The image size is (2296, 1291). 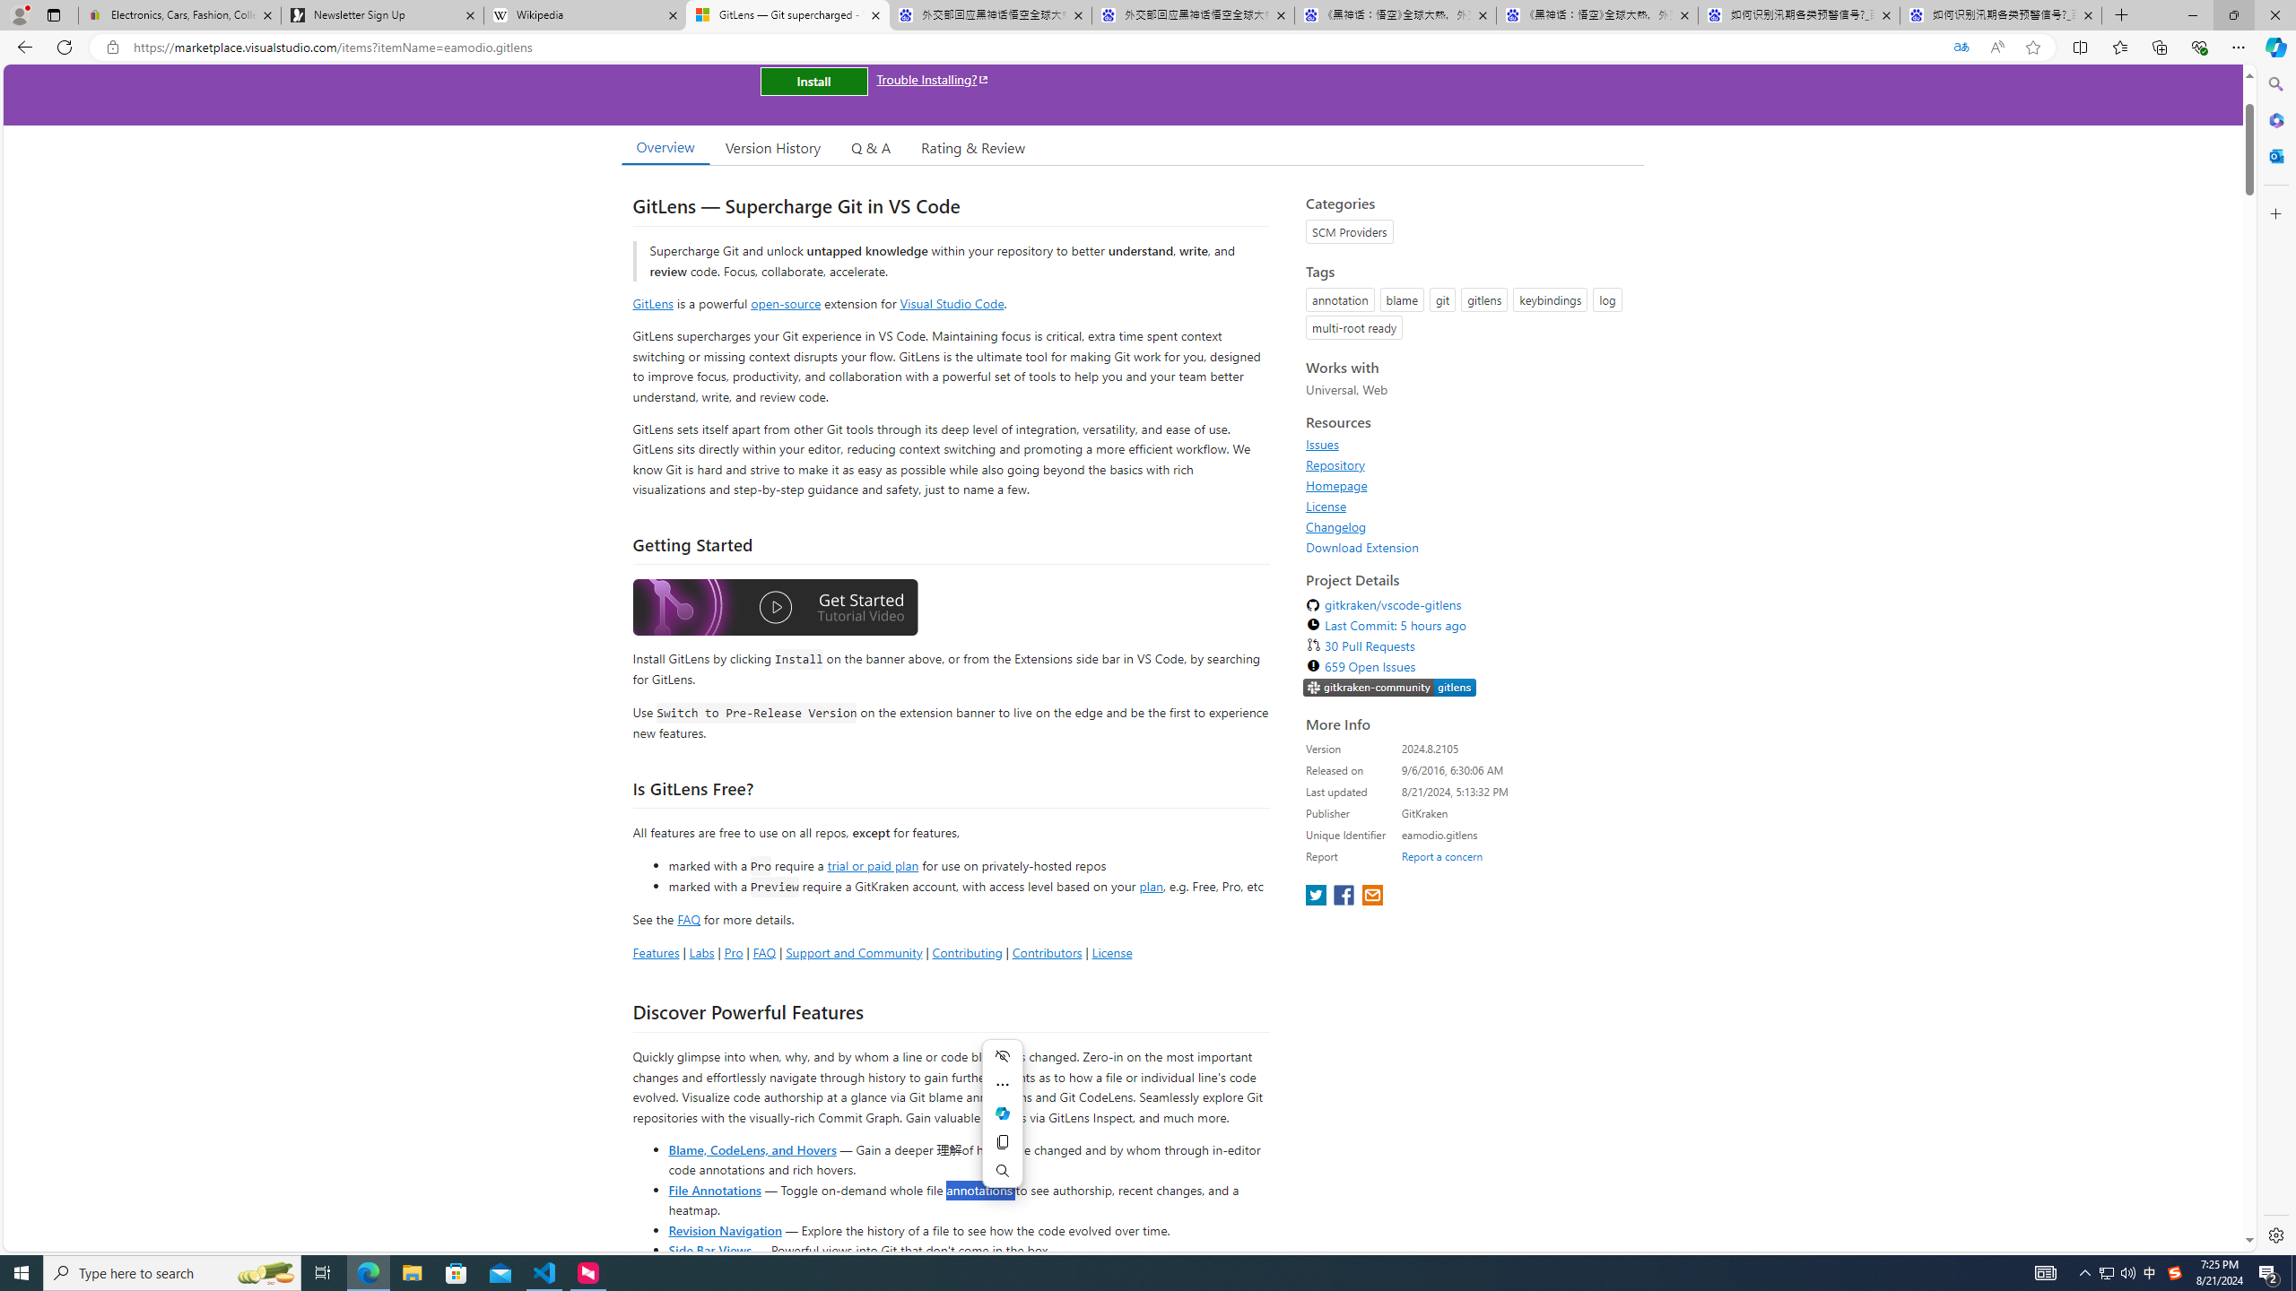 I want to click on 'share extension on twitter', so click(x=1317, y=896).